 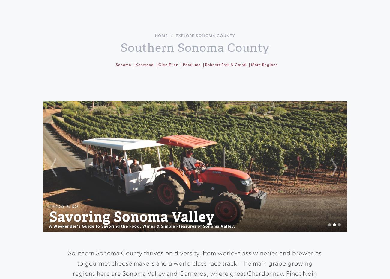 What do you see at coordinates (292, 239) in the screenshot?
I see `'Best Petaluma Hotels'` at bounding box center [292, 239].